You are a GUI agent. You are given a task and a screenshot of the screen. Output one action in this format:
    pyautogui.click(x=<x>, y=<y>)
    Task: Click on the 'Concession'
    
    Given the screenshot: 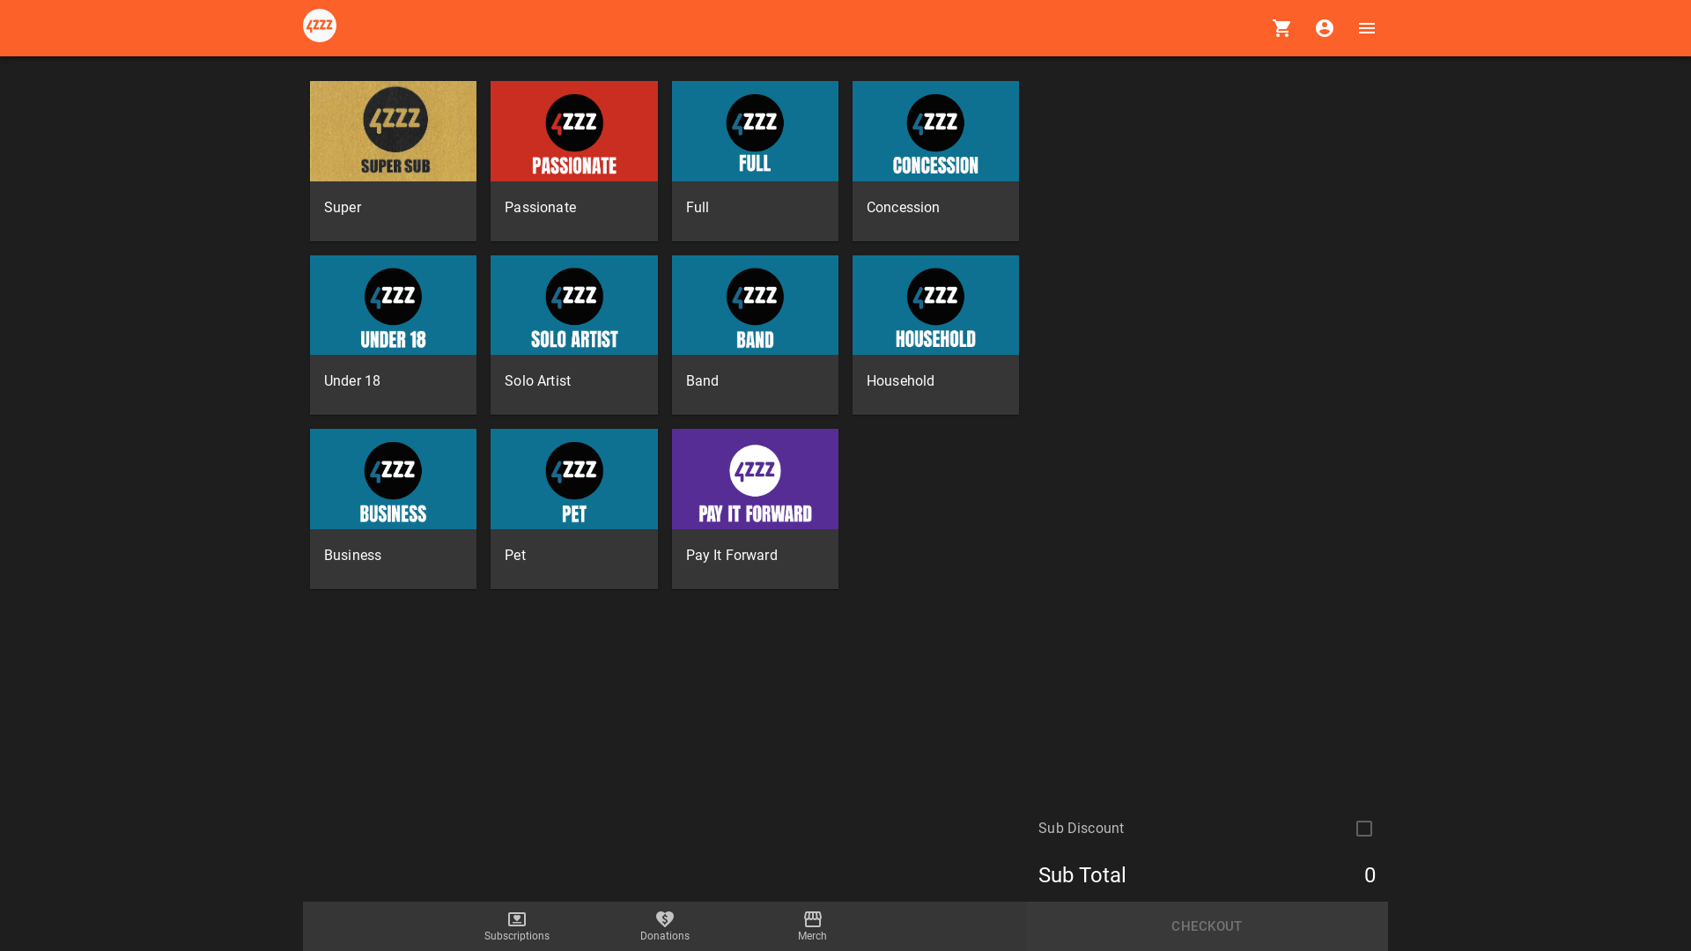 What is the action you would take?
    pyautogui.click(x=934, y=160)
    